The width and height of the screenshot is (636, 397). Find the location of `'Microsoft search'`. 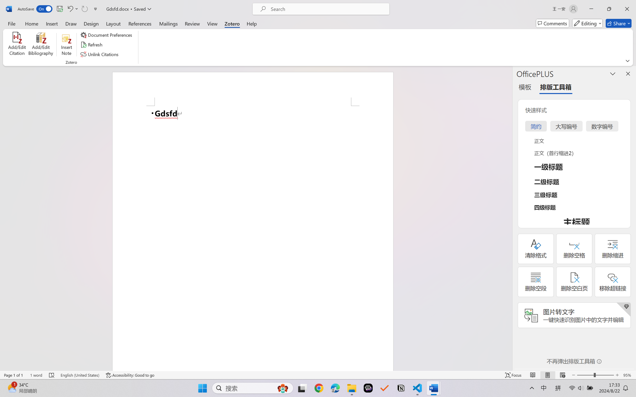

'Microsoft search' is located at coordinates (327, 9).